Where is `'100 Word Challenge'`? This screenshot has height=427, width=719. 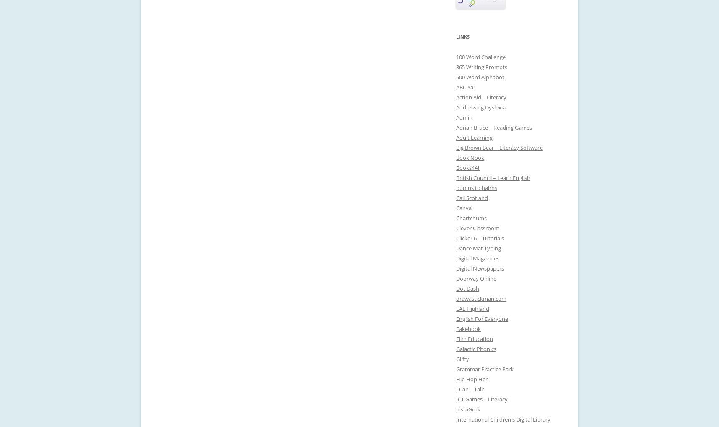 '100 Word Challenge' is located at coordinates (456, 57).